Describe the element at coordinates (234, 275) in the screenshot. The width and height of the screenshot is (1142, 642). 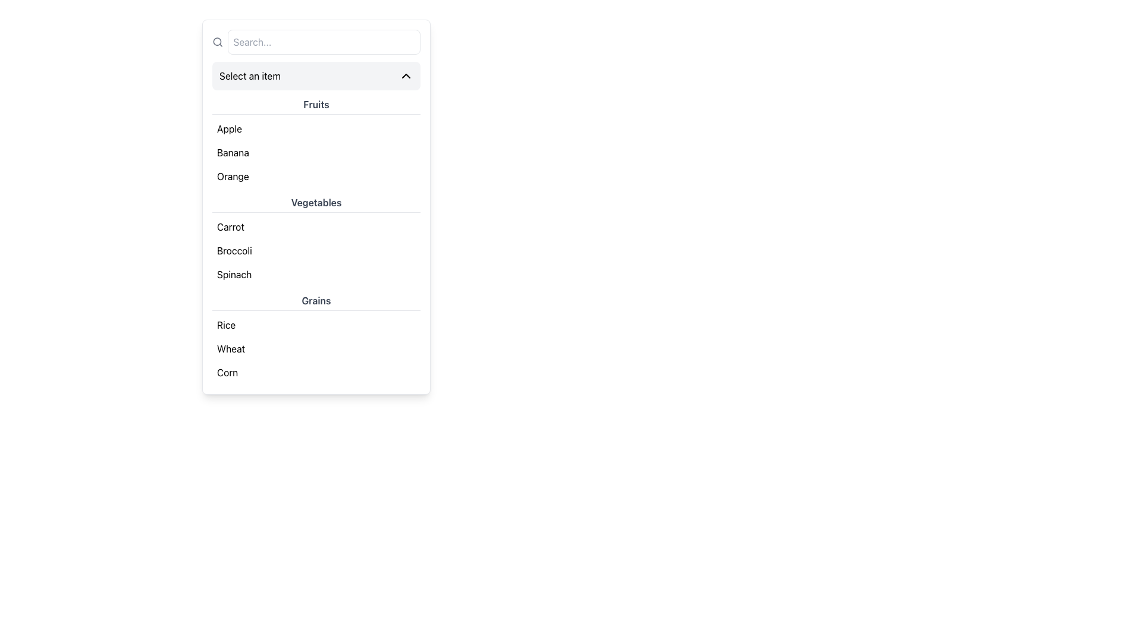
I see `the 'Spinach' text label in the 'Vegetables' section of the dropdown menu` at that location.